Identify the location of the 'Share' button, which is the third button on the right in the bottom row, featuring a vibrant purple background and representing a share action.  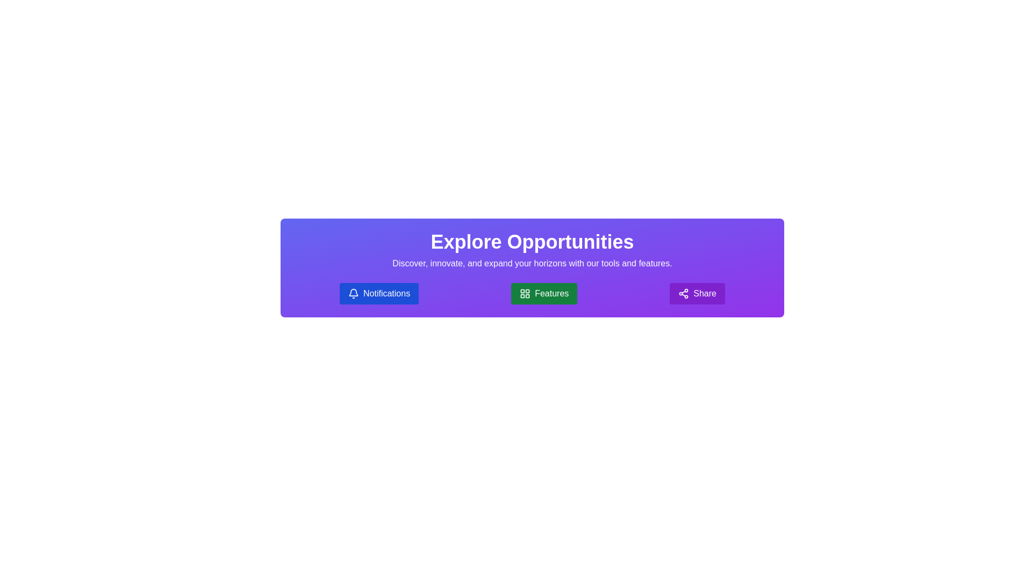
(683, 294).